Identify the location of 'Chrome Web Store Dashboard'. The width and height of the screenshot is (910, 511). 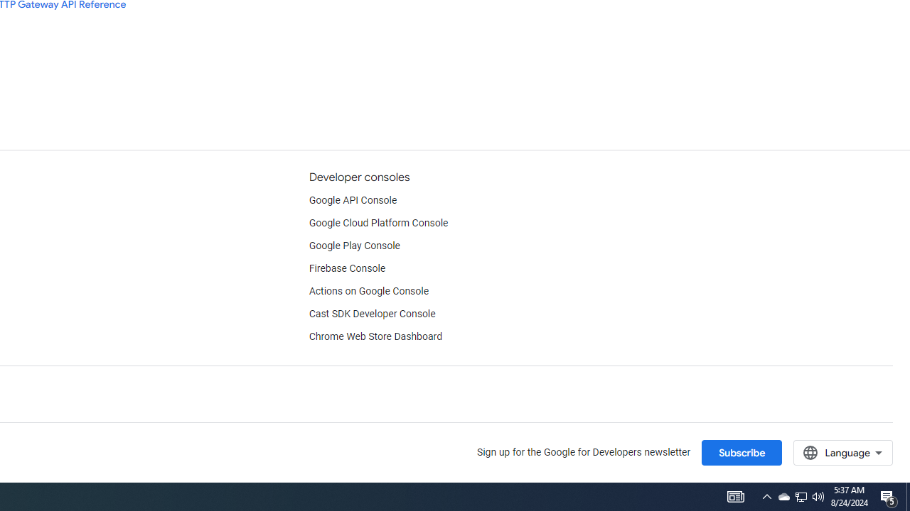
(375, 337).